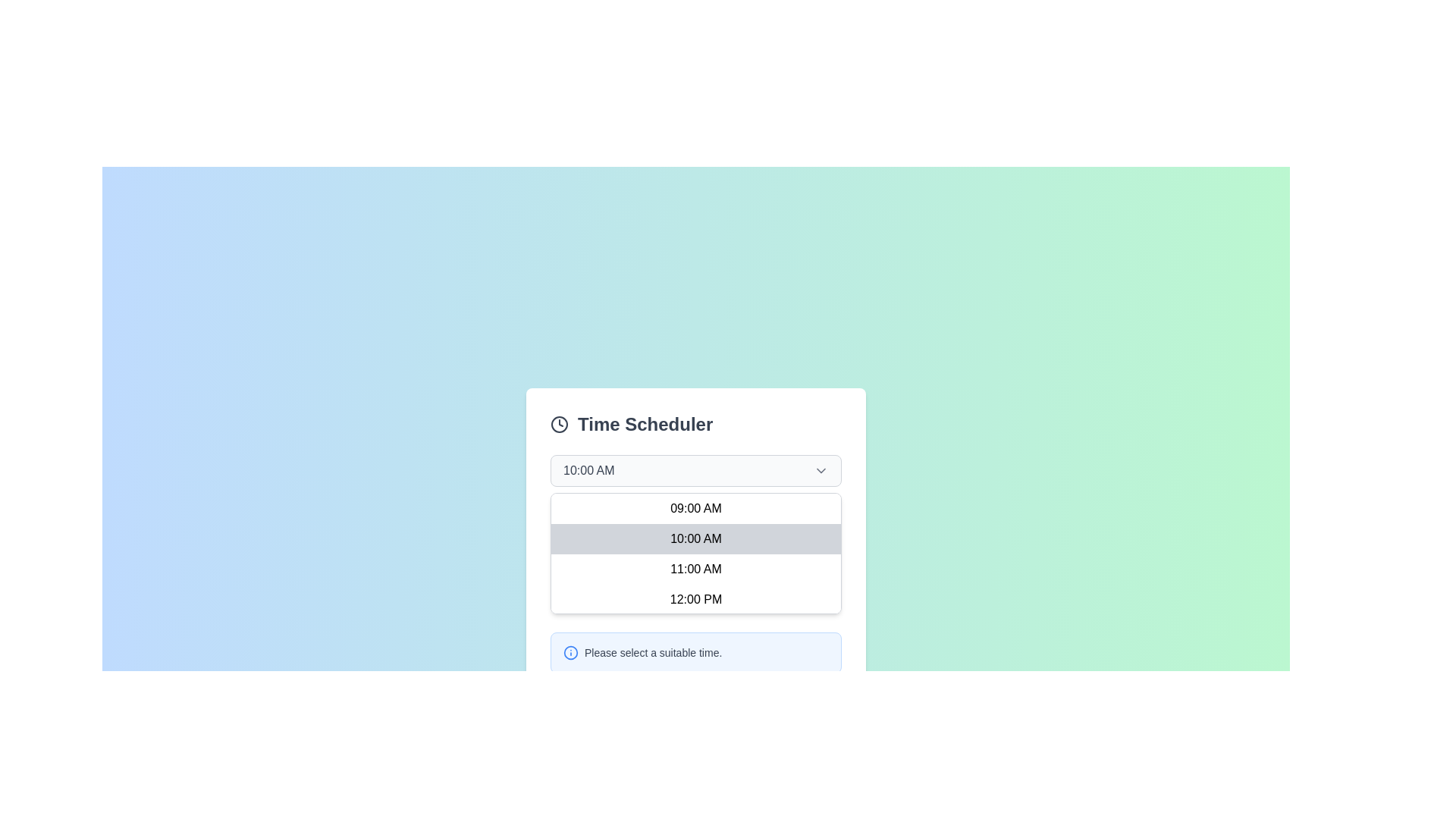  What do you see at coordinates (570, 651) in the screenshot?
I see `the circular visual indicator within the information icon located in the message box below the main content area` at bounding box center [570, 651].